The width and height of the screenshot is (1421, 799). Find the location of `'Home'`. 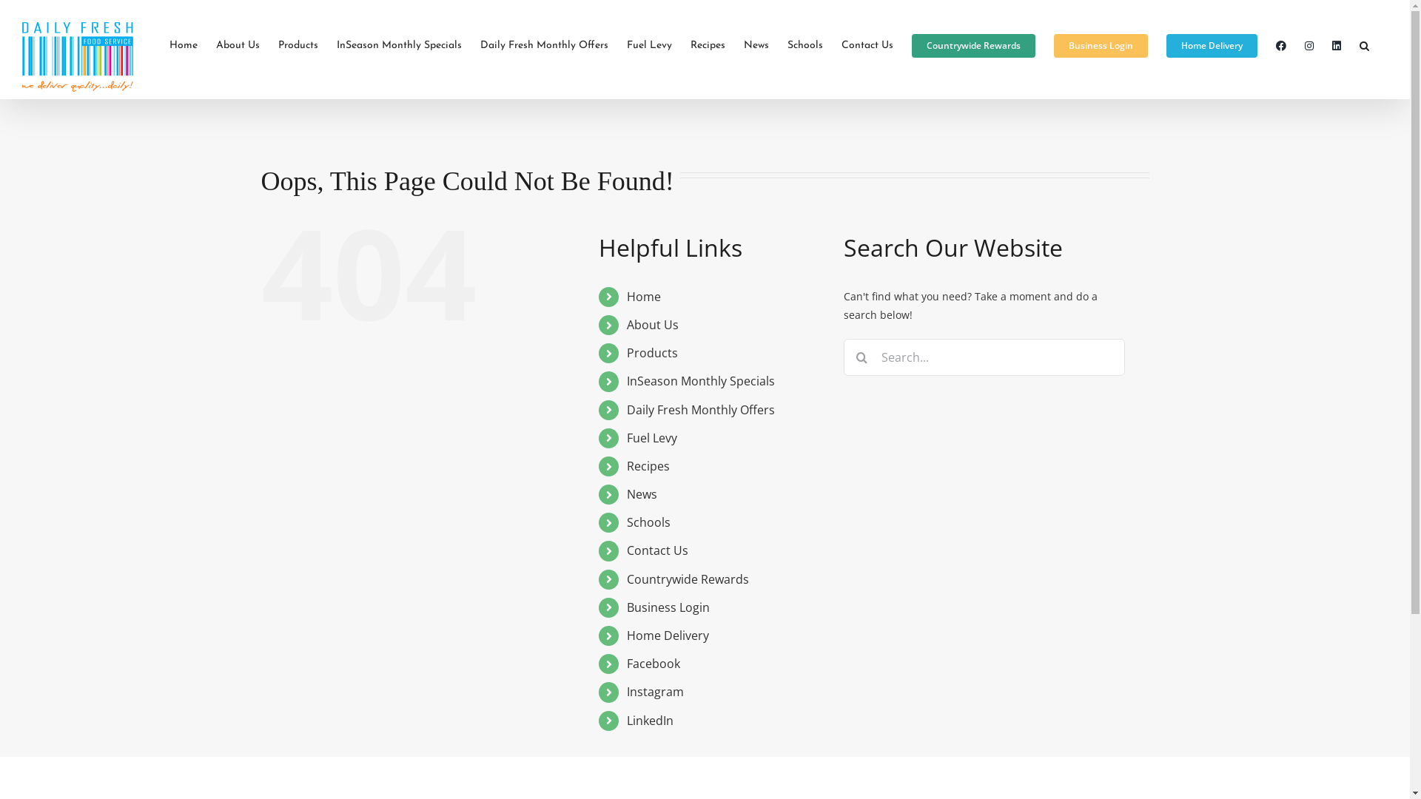

'Home' is located at coordinates (643, 297).